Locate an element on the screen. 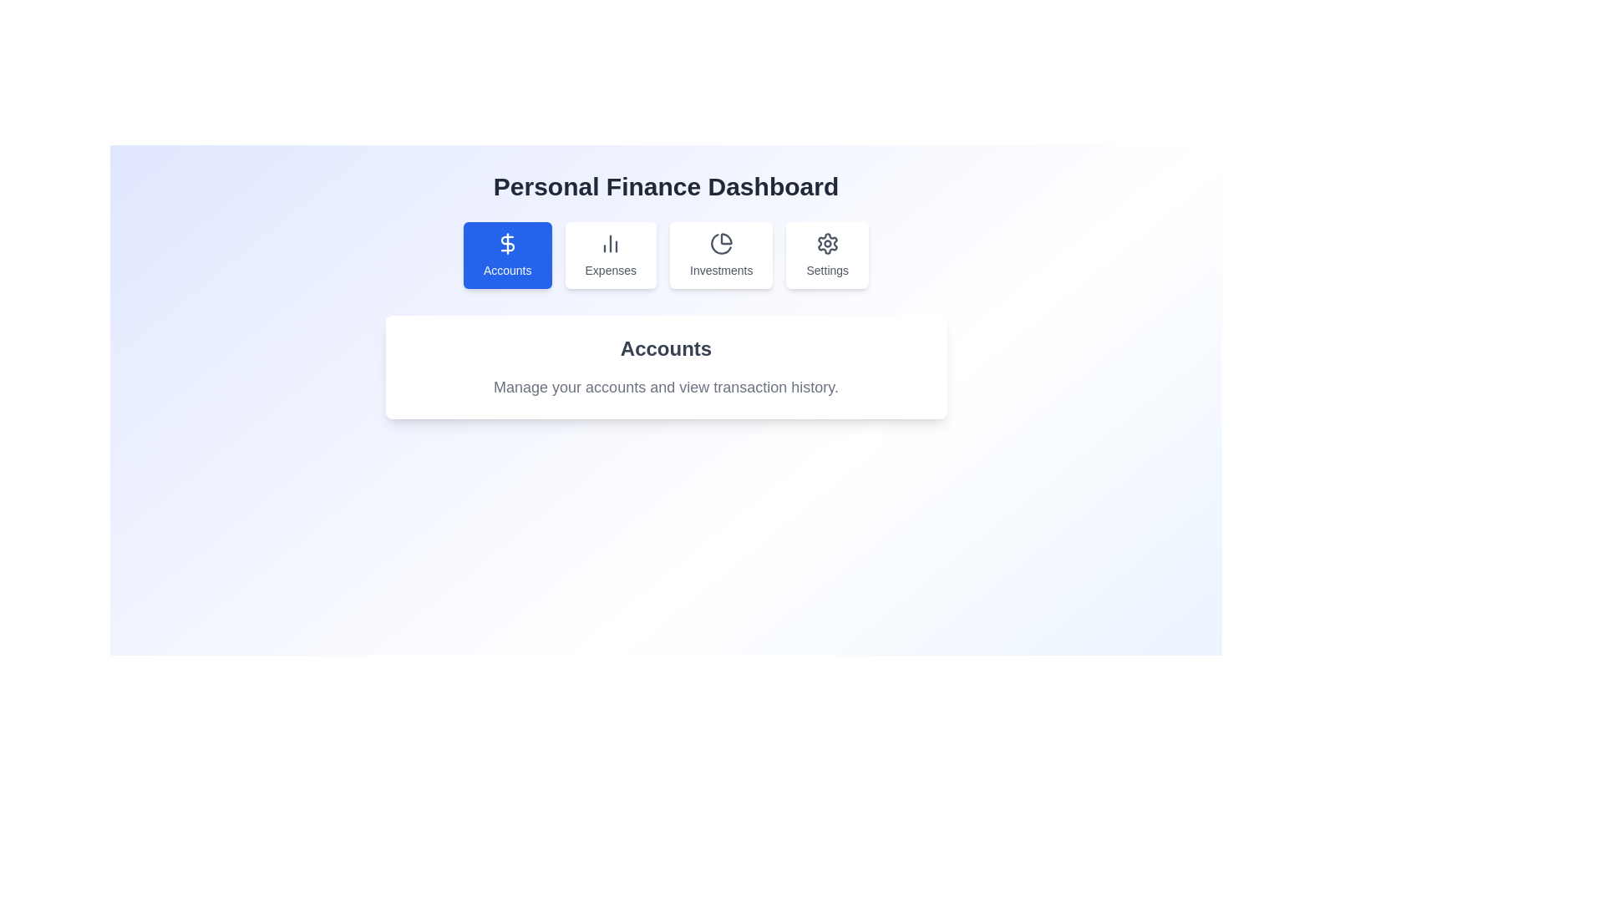 The width and height of the screenshot is (1604, 902). the Navigation Bar located directly below the 'Personal Finance Dashboard' title to interact with any of its segments, such as 'Accounts', 'Expenses', 'Investments', or 'Settings' is located at coordinates (665, 255).